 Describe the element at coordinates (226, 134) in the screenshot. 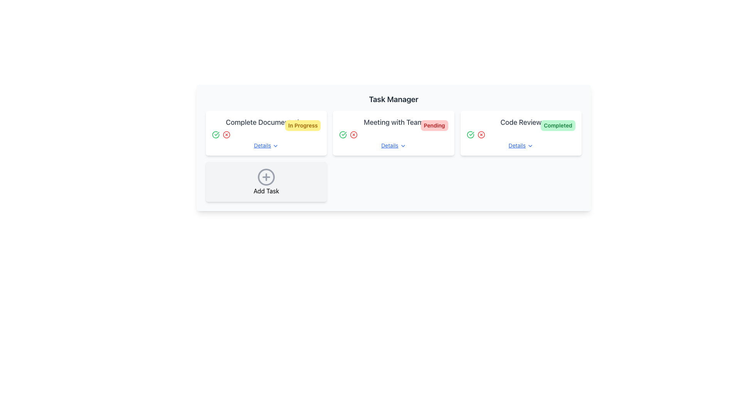

I see `the red circular button with an 'X' symbol inside it, located in the first task card labeled 'Complete Document', positioned to the right of the green checkmark icon` at that location.